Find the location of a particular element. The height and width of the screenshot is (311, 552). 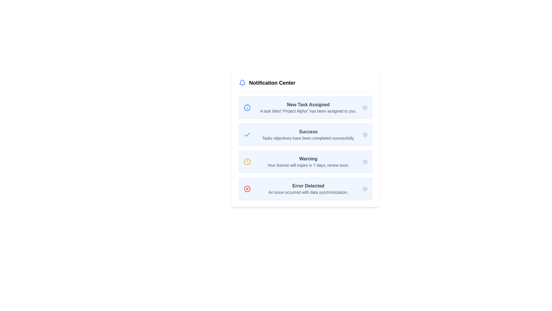

the circular warning icon with a yellow outline located in the Notification Center, which is the third notification icon from the top, positioned to the left of the text labeled 'Warning' is located at coordinates (247, 162).